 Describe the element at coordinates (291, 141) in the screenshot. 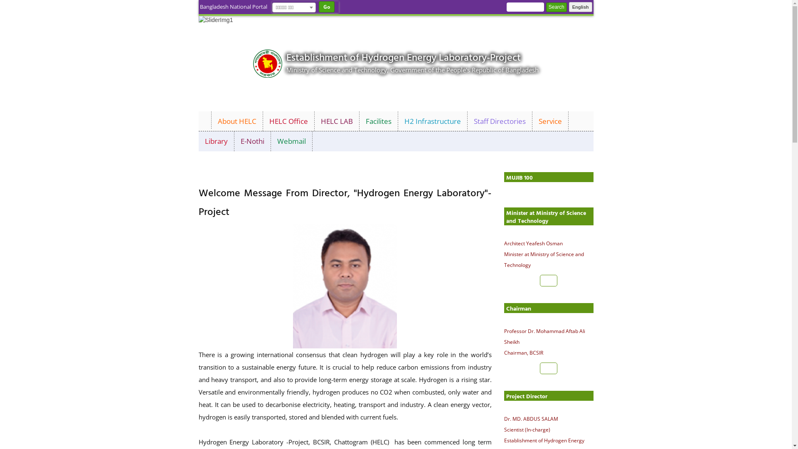

I see `'Webmail'` at that location.